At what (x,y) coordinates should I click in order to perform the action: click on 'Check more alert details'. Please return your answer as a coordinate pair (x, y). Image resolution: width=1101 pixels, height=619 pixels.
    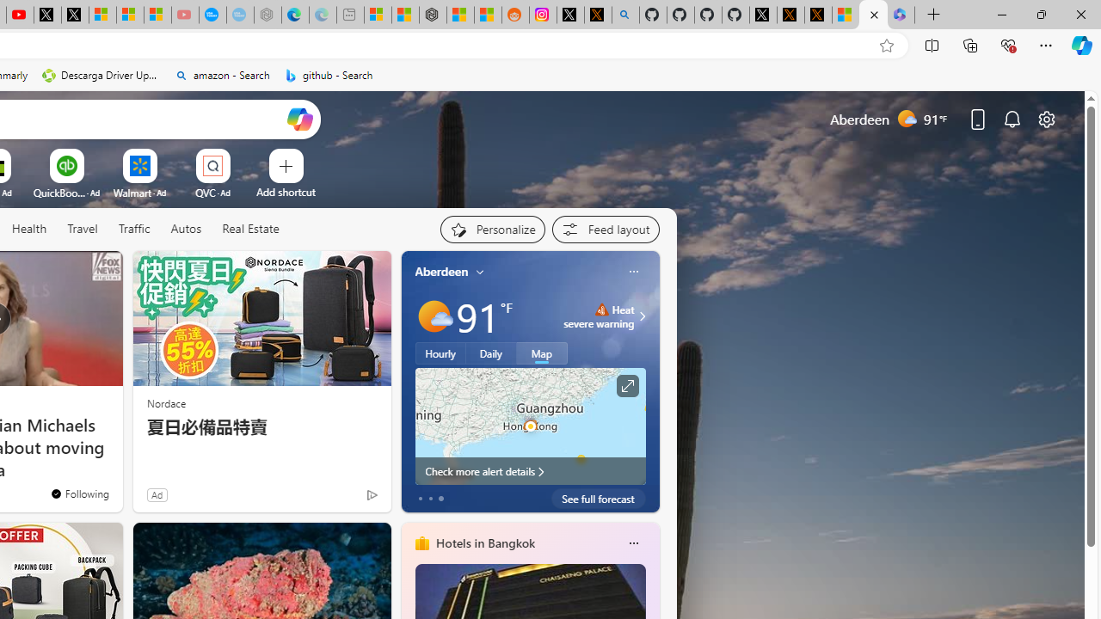
    Looking at the image, I should click on (529, 470).